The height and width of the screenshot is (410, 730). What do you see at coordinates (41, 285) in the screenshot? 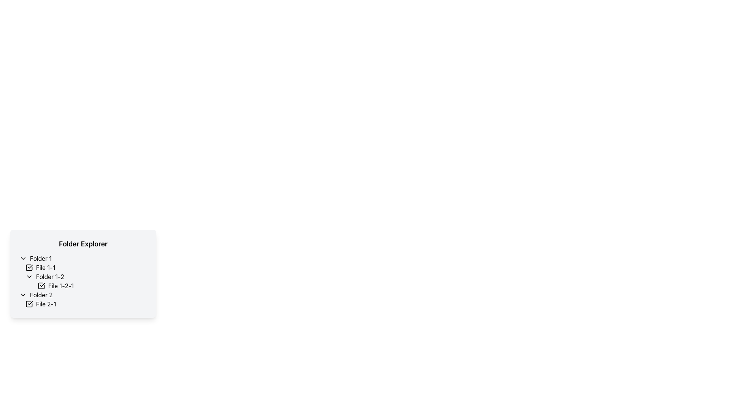
I see `the checkbox located to the left of the text 'File 1-2-1' within the 'Folder 1-2' section` at bounding box center [41, 285].